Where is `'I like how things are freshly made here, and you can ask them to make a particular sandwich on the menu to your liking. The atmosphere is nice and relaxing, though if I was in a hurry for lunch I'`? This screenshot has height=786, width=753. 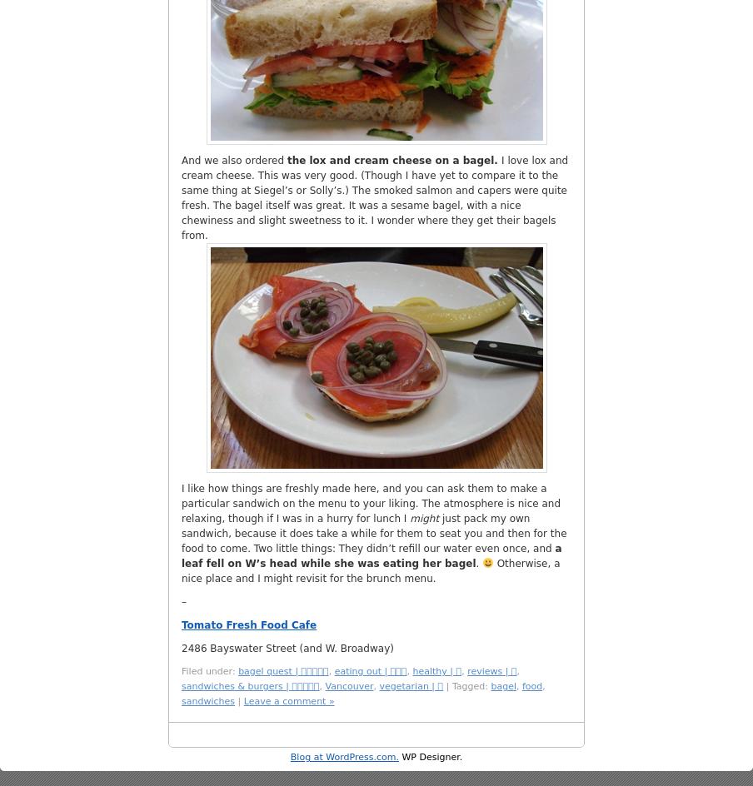
'I like how things are freshly made here, and you can ask them to make a particular sandwich on the menu to your liking. The atmosphere is nice and relaxing, though if I was in a hurry for lunch I' is located at coordinates (371, 504).